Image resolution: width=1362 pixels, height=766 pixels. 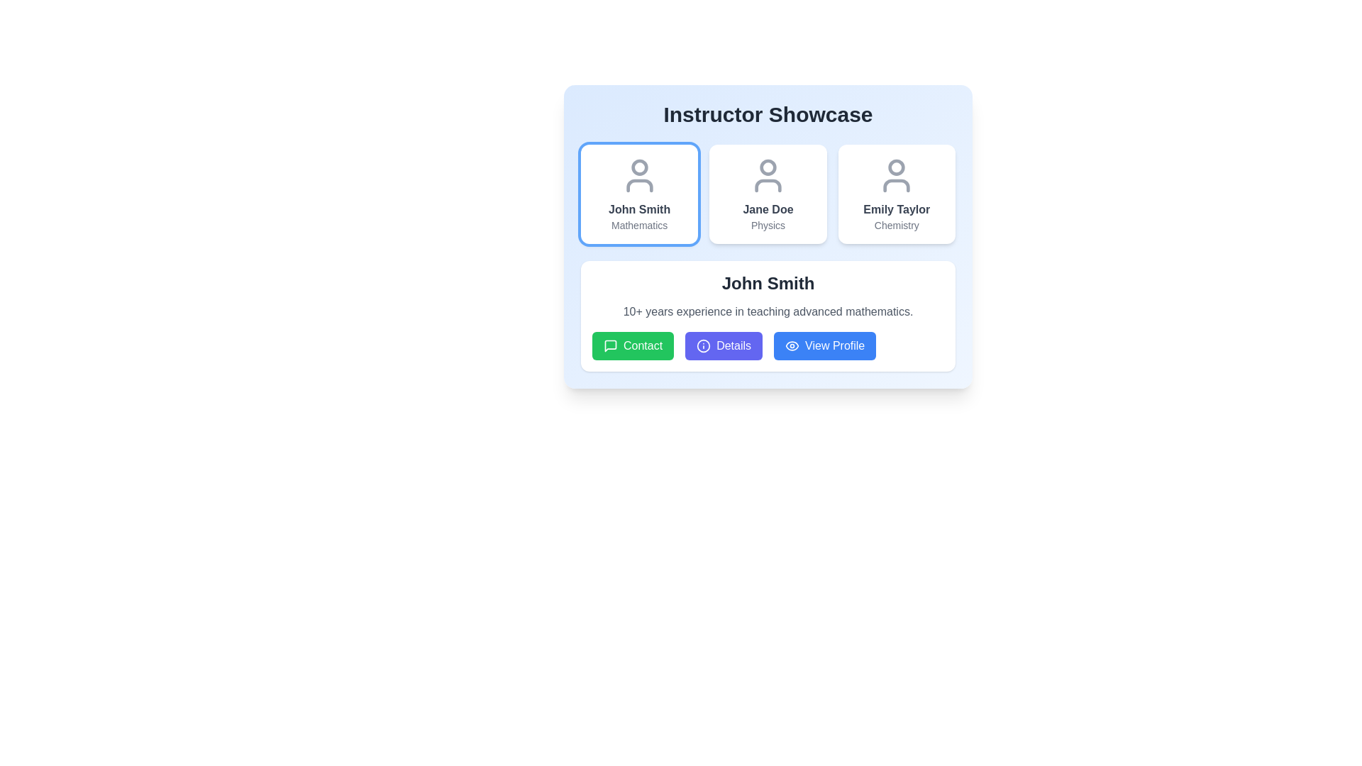 I want to click on the 'Details' icon located within the button at the bottom center of the interface, so click(x=704, y=346).